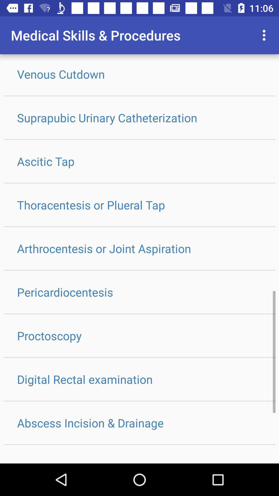 Image resolution: width=279 pixels, height=496 pixels. Describe the element at coordinates (265, 35) in the screenshot. I see `the 3 dots icon on the top ryt` at that location.